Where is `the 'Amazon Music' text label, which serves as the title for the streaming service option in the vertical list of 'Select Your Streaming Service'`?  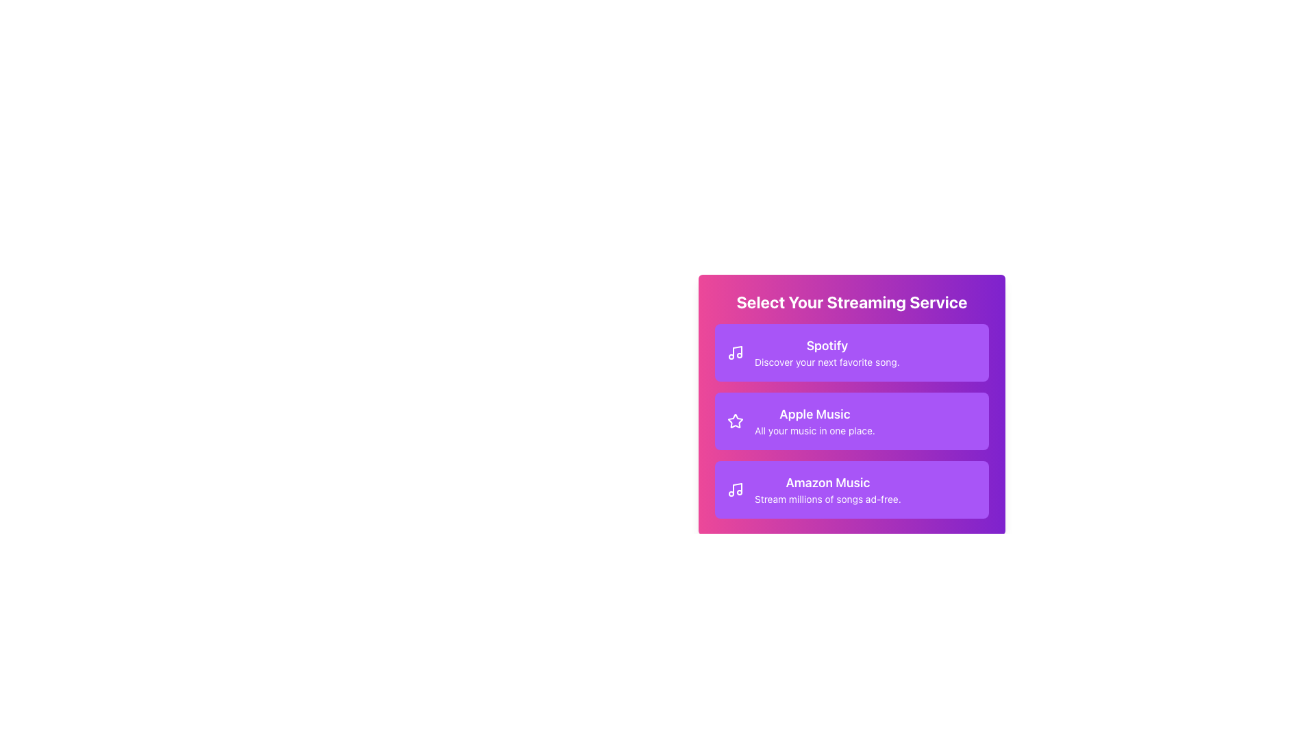 the 'Amazon Music' text label, which serves as the title for the streaming service option in the vertical list of 'Select Your Streaming Service' is located at coordinates (827, 482).